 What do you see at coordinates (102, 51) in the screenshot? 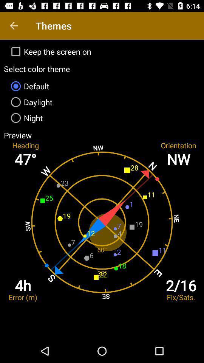
I see `keep the screen item` at bounding box center [102, 51].